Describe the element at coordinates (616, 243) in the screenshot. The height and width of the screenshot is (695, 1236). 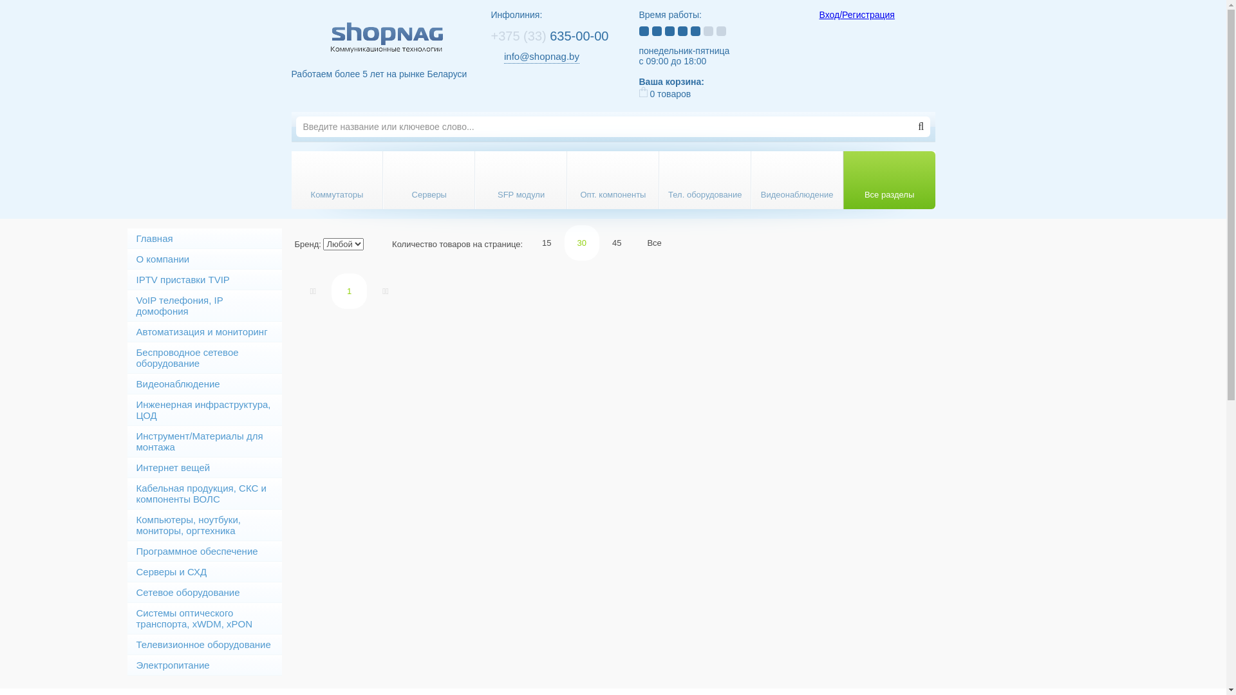
I see `'45'` at that location.